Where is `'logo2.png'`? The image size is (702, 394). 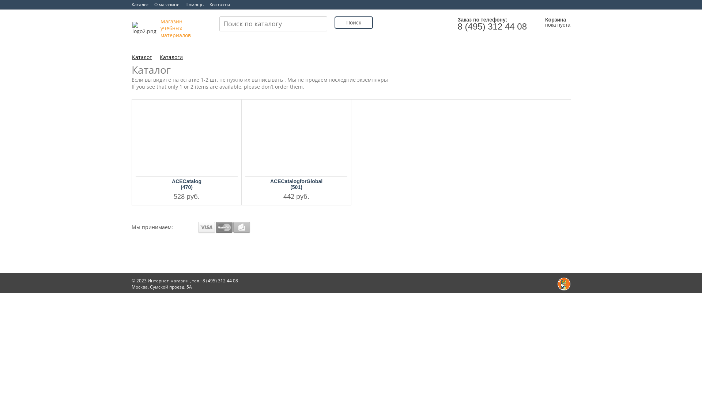 'logo2.png' is located at coordinates (146, 28).